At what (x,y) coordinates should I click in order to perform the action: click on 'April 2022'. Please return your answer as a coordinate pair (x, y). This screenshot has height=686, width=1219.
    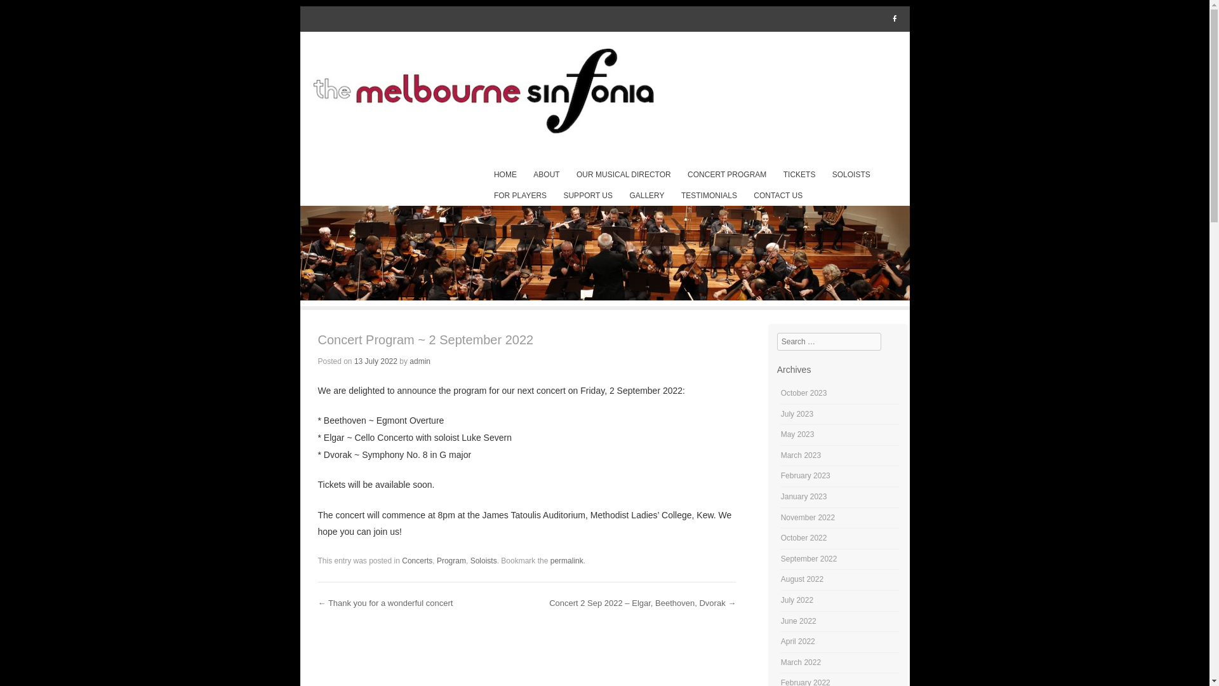
    Looking at the image, I should click on (797, 642).